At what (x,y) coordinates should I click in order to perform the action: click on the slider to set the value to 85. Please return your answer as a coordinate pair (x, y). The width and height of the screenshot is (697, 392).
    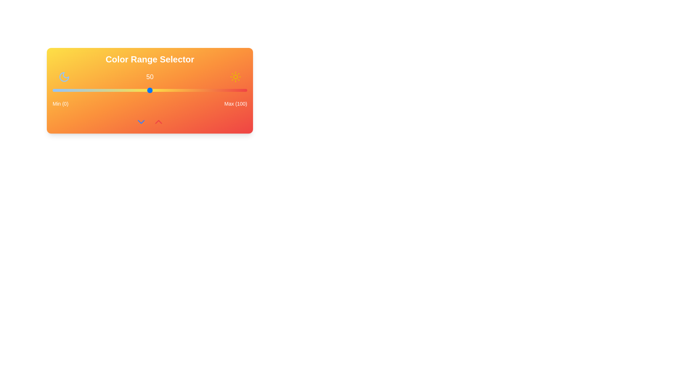
    Looking at the image, I should click on (217, 90).